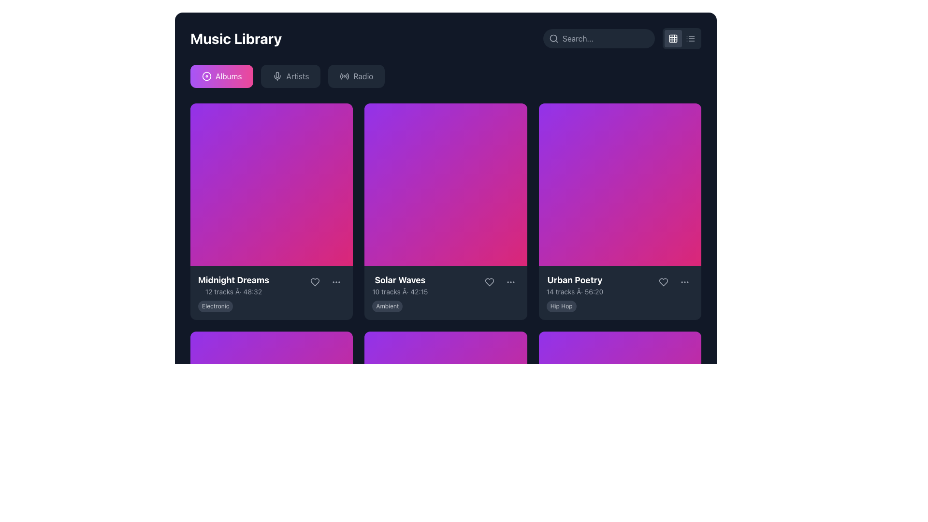  I want to click on the heart-shaped icon button located at the bottom right corner of the 'Urban Poetry' album card, so click(663, 282).